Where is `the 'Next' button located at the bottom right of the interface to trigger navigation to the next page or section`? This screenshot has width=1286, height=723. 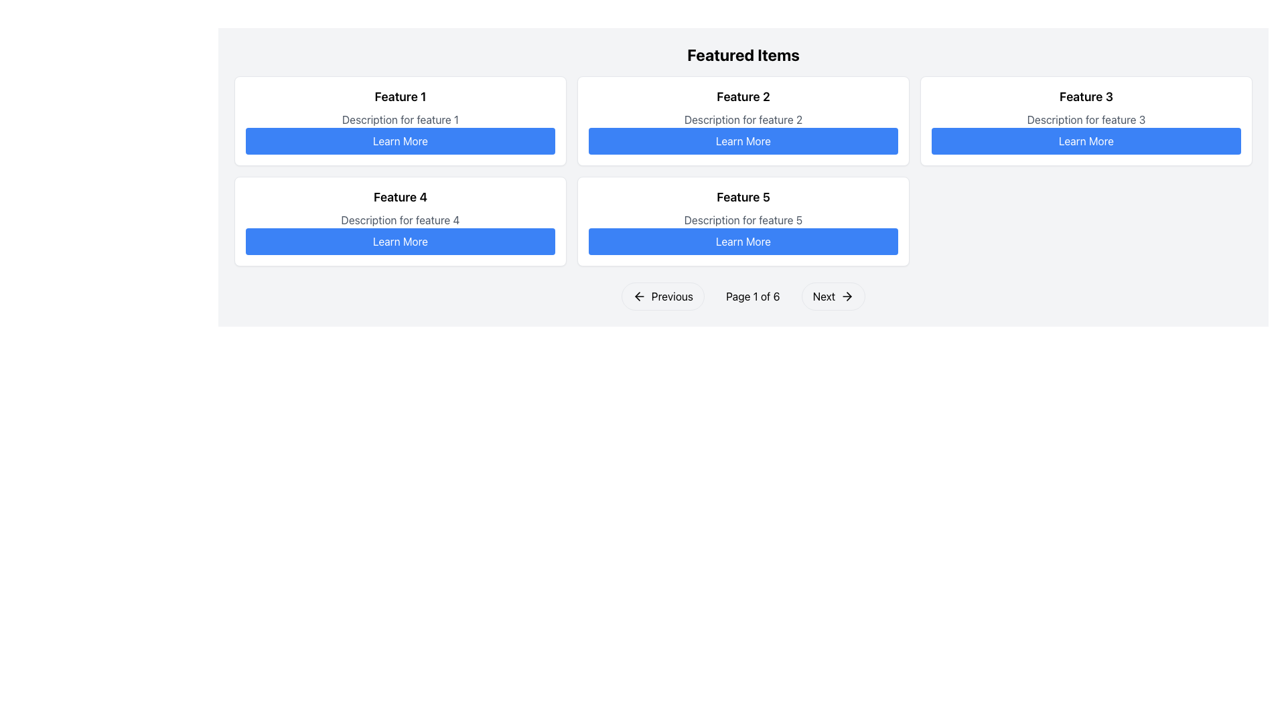
the 'Next' button located at the bottom right of the interface to trigger navigation to the next page or section is located at coordinates (847, 296).